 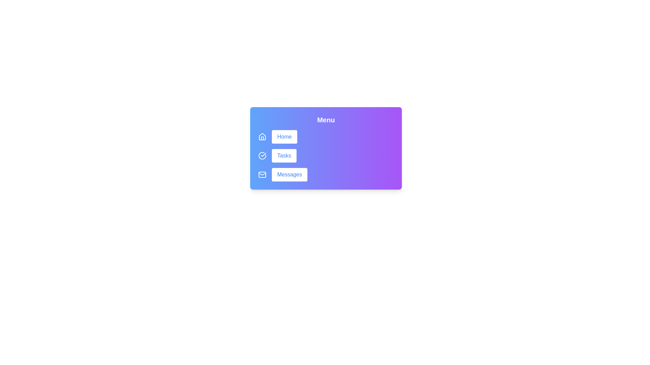 What do you see at coordinates (262, 156) in the screenshot?
I see `the icon beside the Tasks button` at bounding box center [262, 156].